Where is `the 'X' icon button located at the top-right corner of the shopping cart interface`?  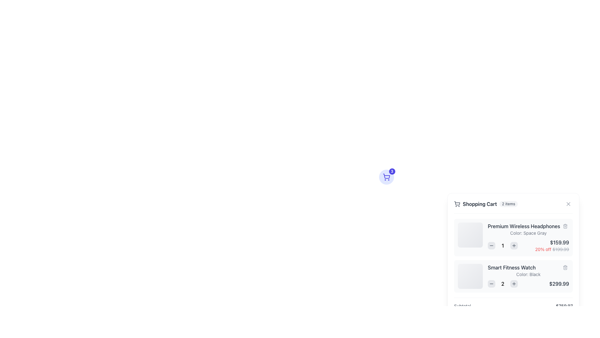
the 'X' icon button located at the top-right corner of the shopping cart interface is located at coordinates (568, 204).